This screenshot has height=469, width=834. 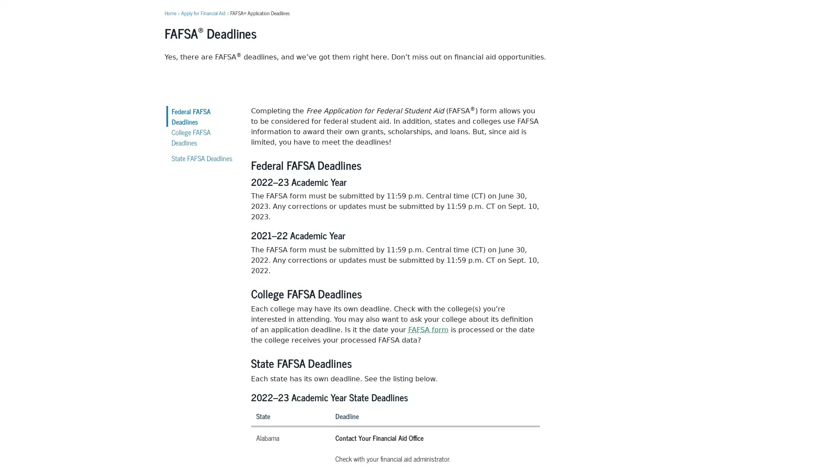 I want to click on Espanol, so click(x=660, y=7).